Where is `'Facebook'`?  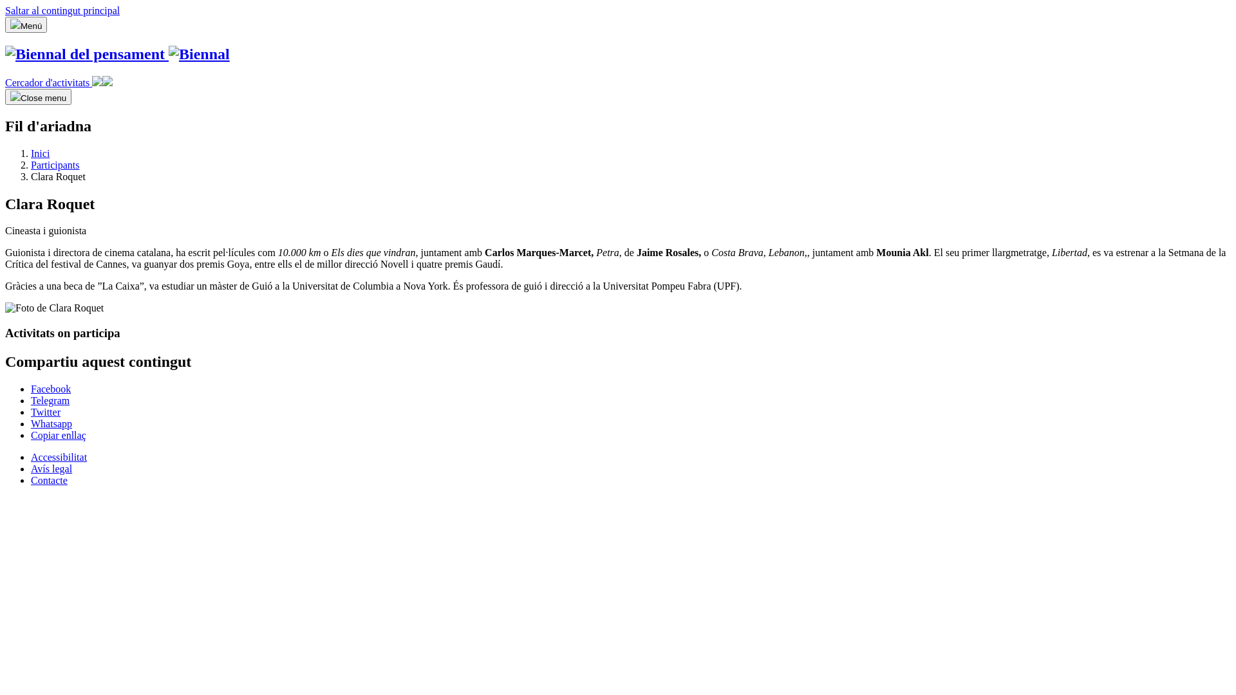 'Facebook' is located at coordinates (50, 388).